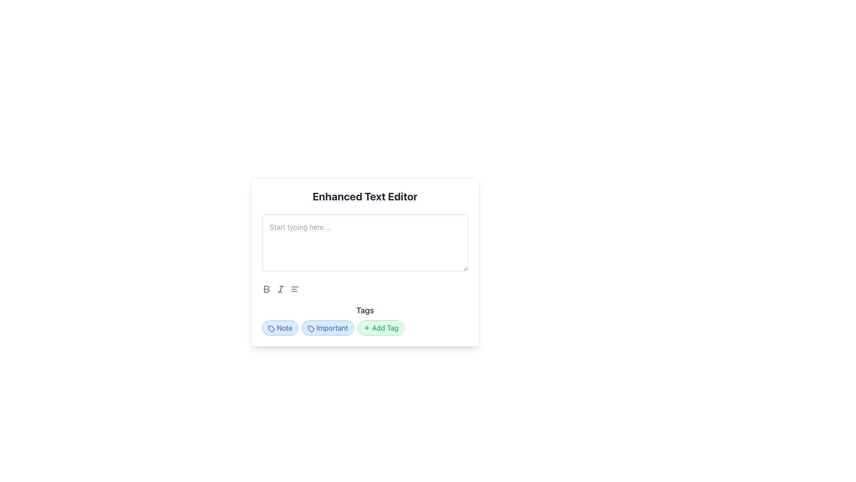 The height and width of the screenshot is (482, 856). What do you see at coordinates (311, 328) in the screenshot?
I see `the 'Important' tag icon, which is part of a blue pill-shaped label located between the 'Note' label and the '+ Add Tag' button in the 'Tags' section` at bounding box center [311, 328].